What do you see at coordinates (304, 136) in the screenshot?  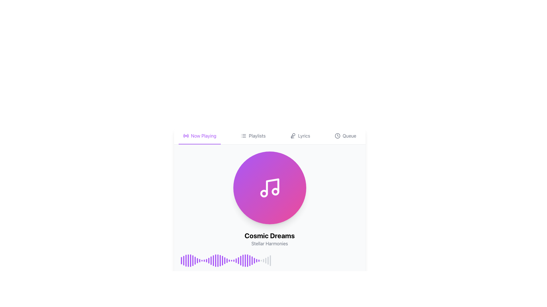 I see `the 'Lyrics' label, which is styled in gray sans-serif font and positioned to the right of the 'Playlists' button in the upper portion of the interface` at bounding box center [304, 136].